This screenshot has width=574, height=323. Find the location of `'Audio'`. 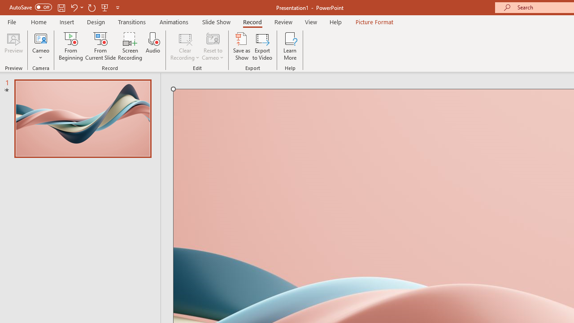

'Audio' is located at coordinates (153, 46).